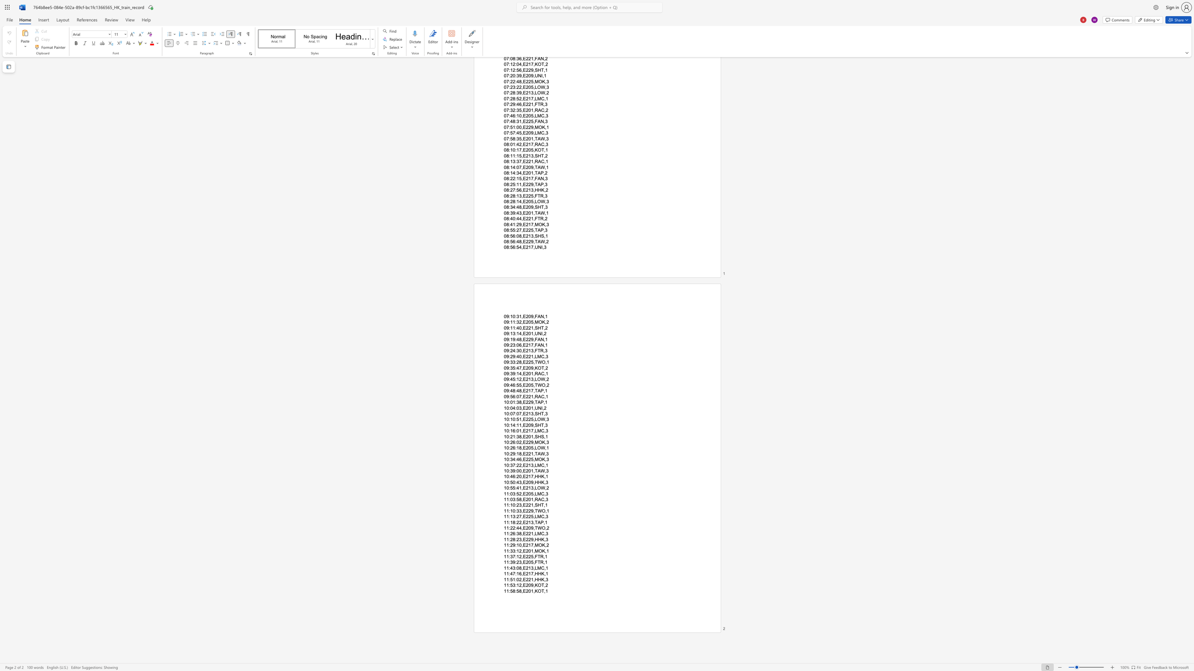  Describe the element at coordinates (508, 568) in the screenshot. I see `the space between the continuous character "1" and ":" in the text` at that location.